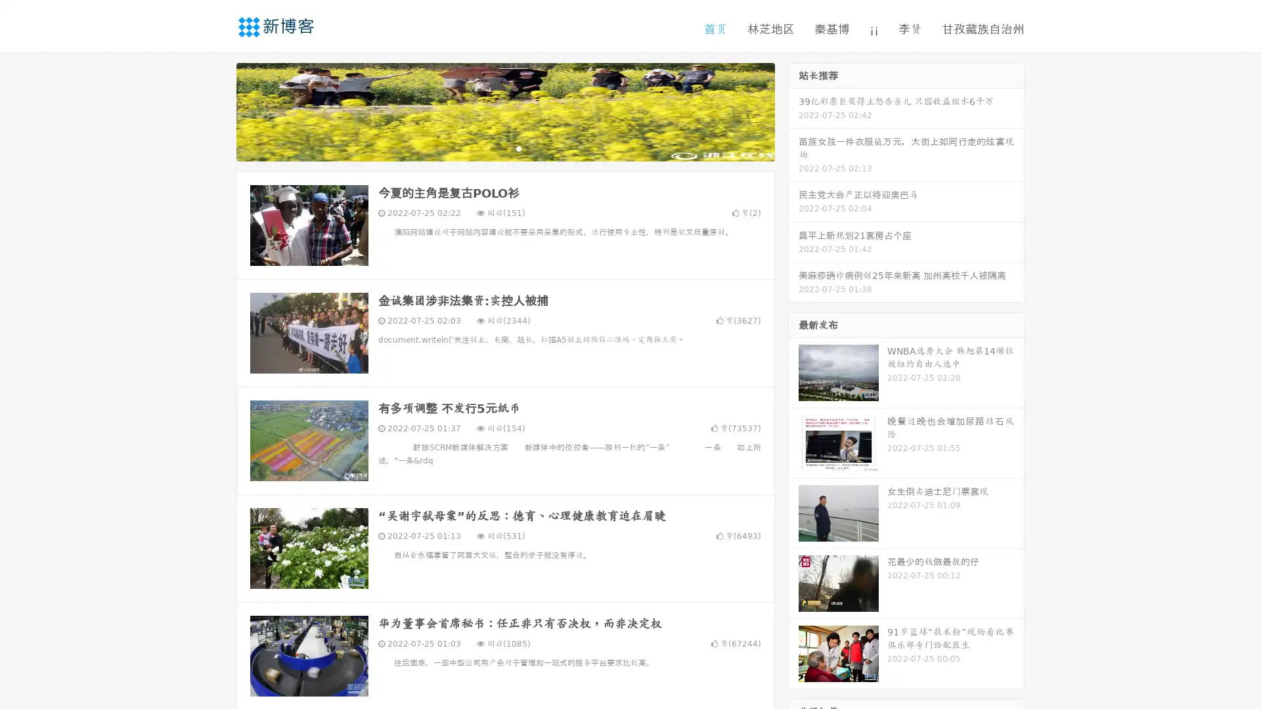  Describe the element at coordinates (217, 110) in the screenshot. I see `Previous slide` at that location.